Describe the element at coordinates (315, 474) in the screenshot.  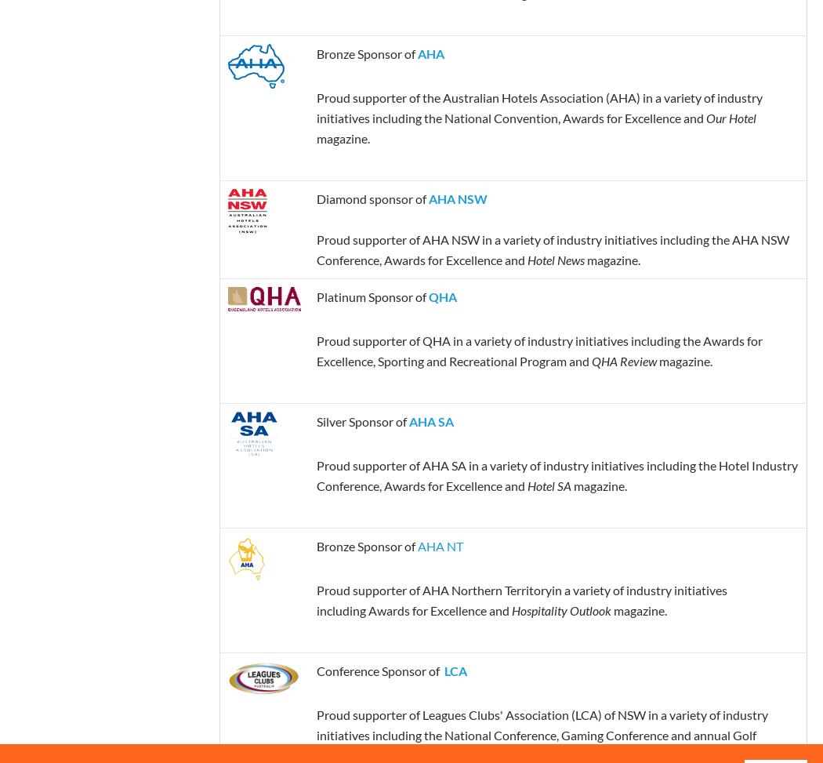
I see `'Proud supporter of AHA SA in a variety of industry initiatives including the Hotel Industry Conference, Awards for Excellence and'` at that location.